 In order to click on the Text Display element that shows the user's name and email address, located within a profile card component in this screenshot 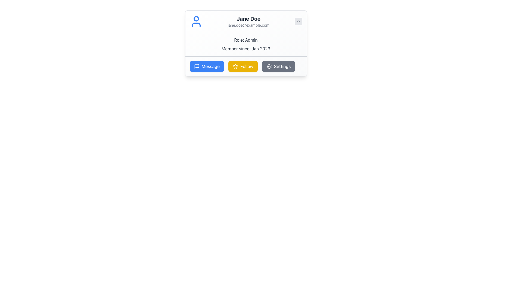, I will do `click(248, 21)`.